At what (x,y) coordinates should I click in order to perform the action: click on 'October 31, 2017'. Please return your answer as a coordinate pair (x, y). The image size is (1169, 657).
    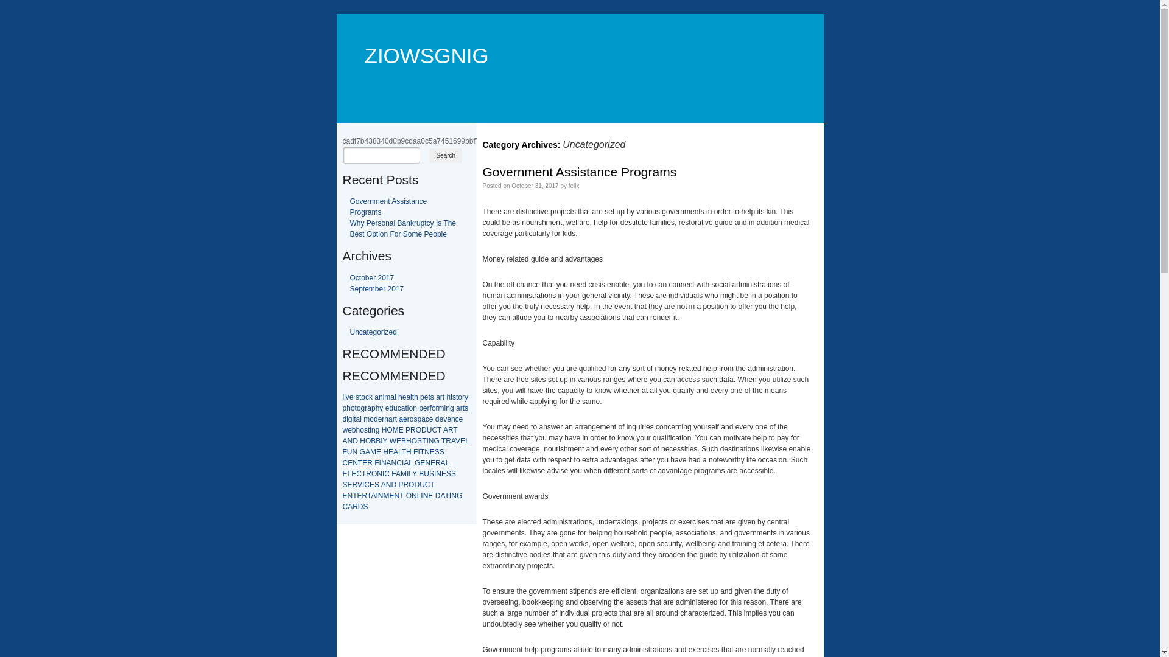
    Looking at the image, I should click on (535, 186).